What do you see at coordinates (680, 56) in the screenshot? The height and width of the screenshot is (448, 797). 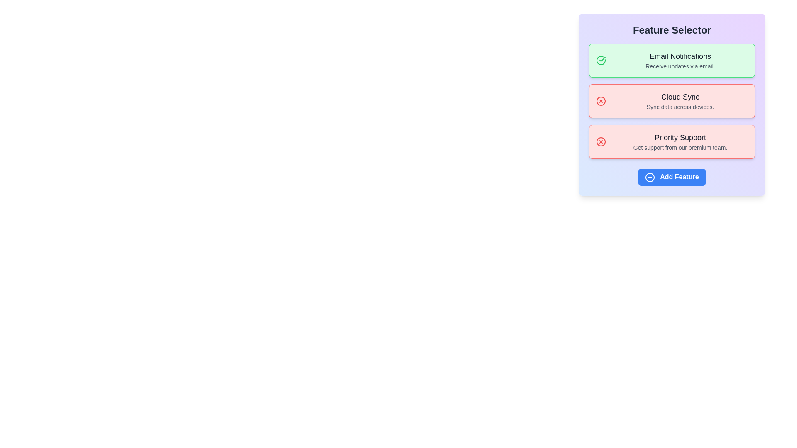 I see `the 'Email Notifications' text label, which is a bold, medium-sized sans-serif text element located at the top of a green-highlighted card in the 'Feature Selector' section` at bounding box center [680, 56].